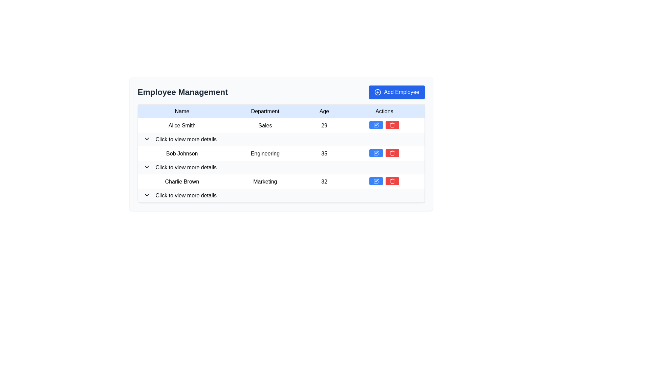  What do you see at coordinates (376, 125) in the screenshot?
I see `the blue button with white text and a pen icon located in the 'Actions' column of the first row, to the left of the red trash button` at bounding box center [376, 125].